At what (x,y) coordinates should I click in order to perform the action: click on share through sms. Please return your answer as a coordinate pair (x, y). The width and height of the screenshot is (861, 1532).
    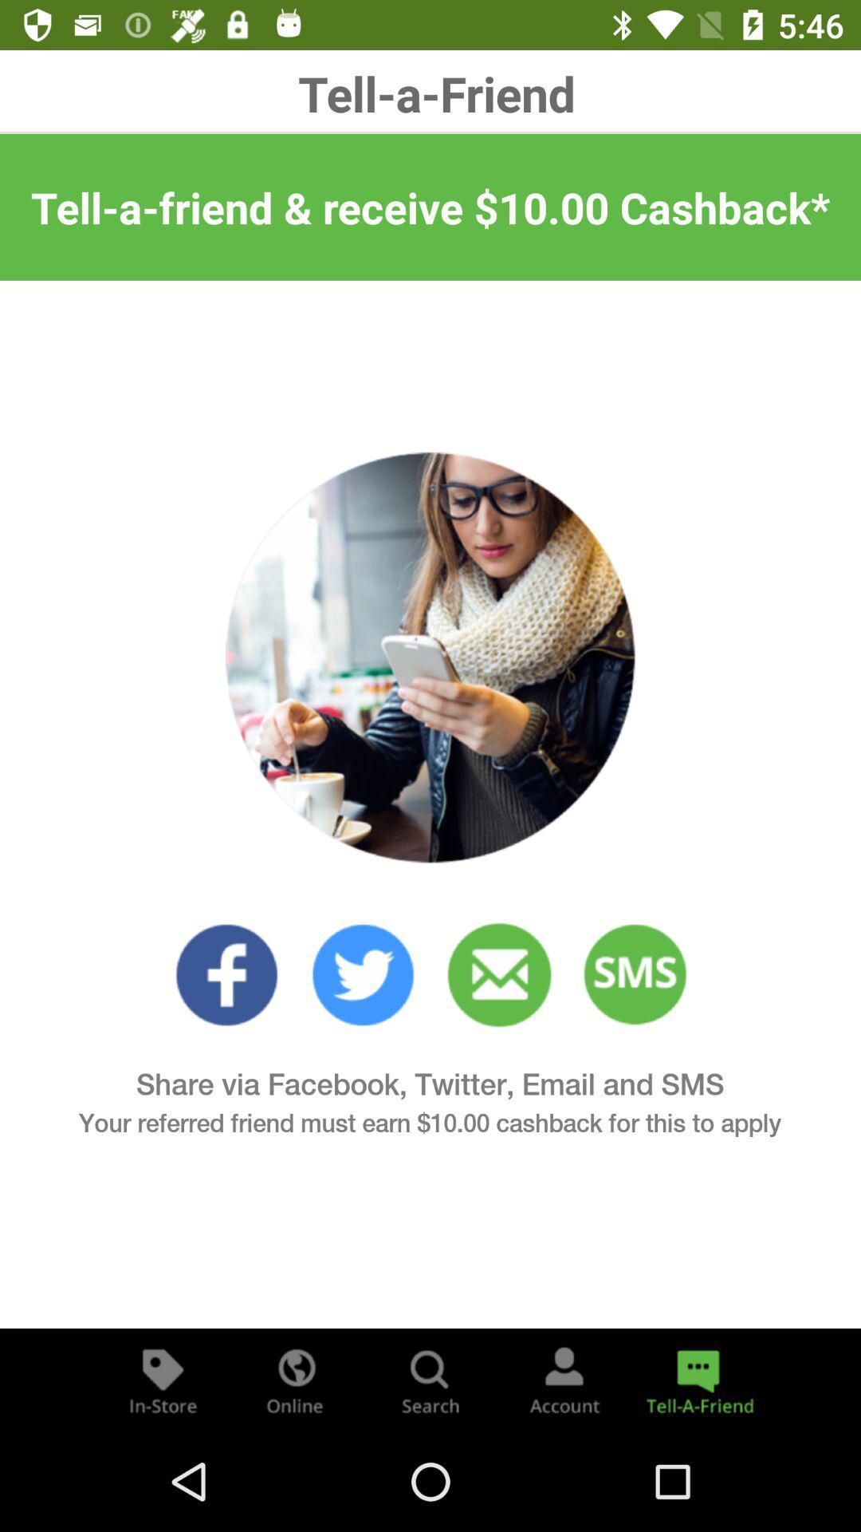
    Looking at the image, I should click on (635, 974).